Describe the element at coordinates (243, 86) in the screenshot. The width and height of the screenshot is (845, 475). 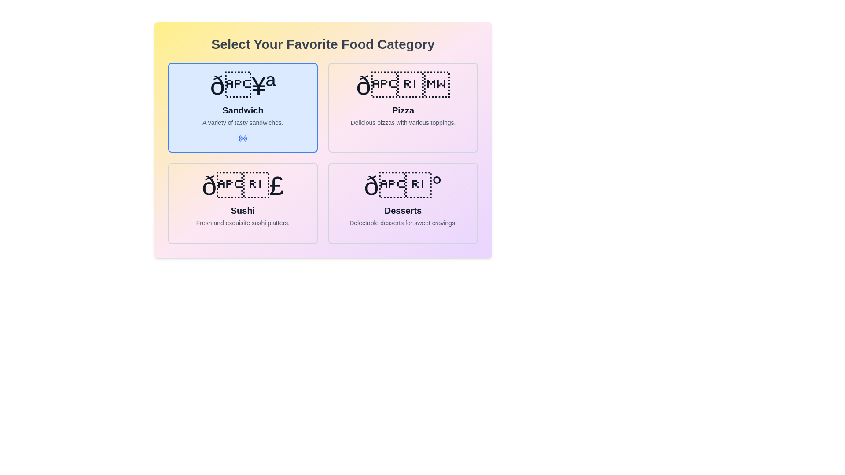
I see `the prominent decorative symbol displayed in a large, dark font style located above the title 'Sandwich' within a light blue, rounded rectangular area` at that location.